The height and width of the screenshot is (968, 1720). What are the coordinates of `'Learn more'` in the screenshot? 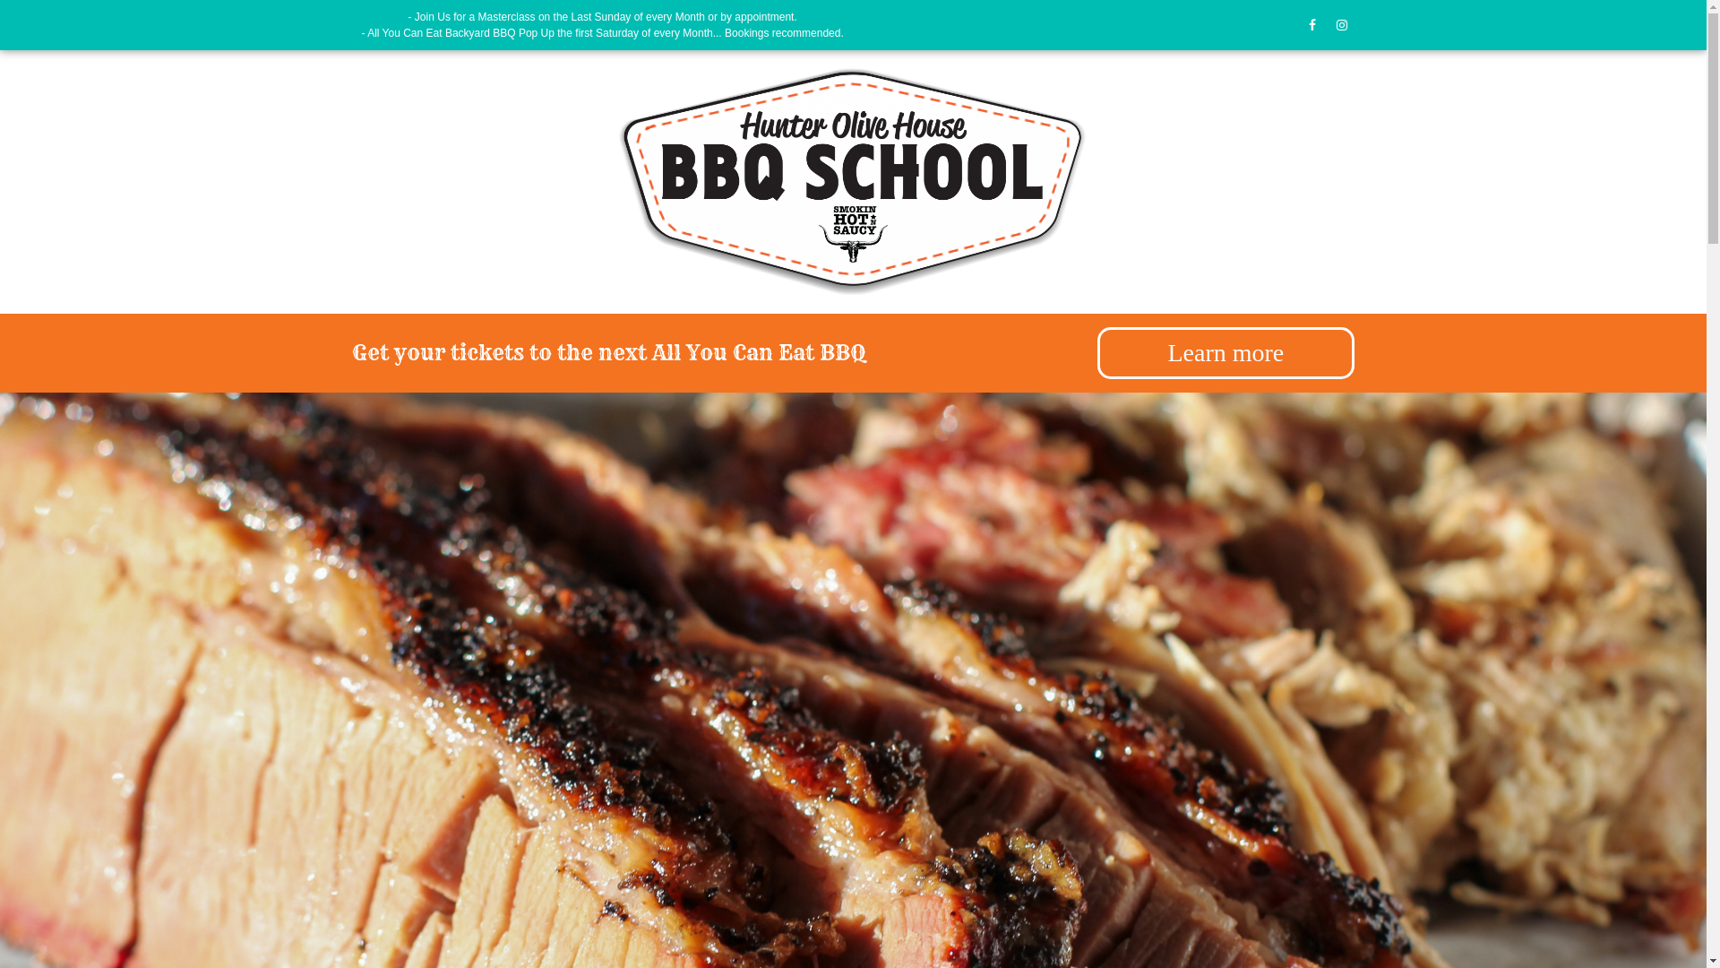 It's located at (1225, 352).